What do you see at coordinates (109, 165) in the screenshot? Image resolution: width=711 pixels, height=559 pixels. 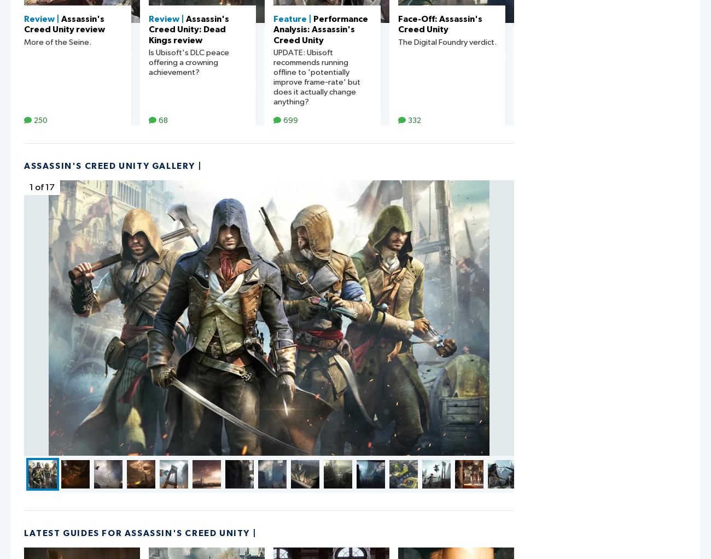 I see `'Assassin's Creed Unity Gallery'` at bounding box center [109, 165].